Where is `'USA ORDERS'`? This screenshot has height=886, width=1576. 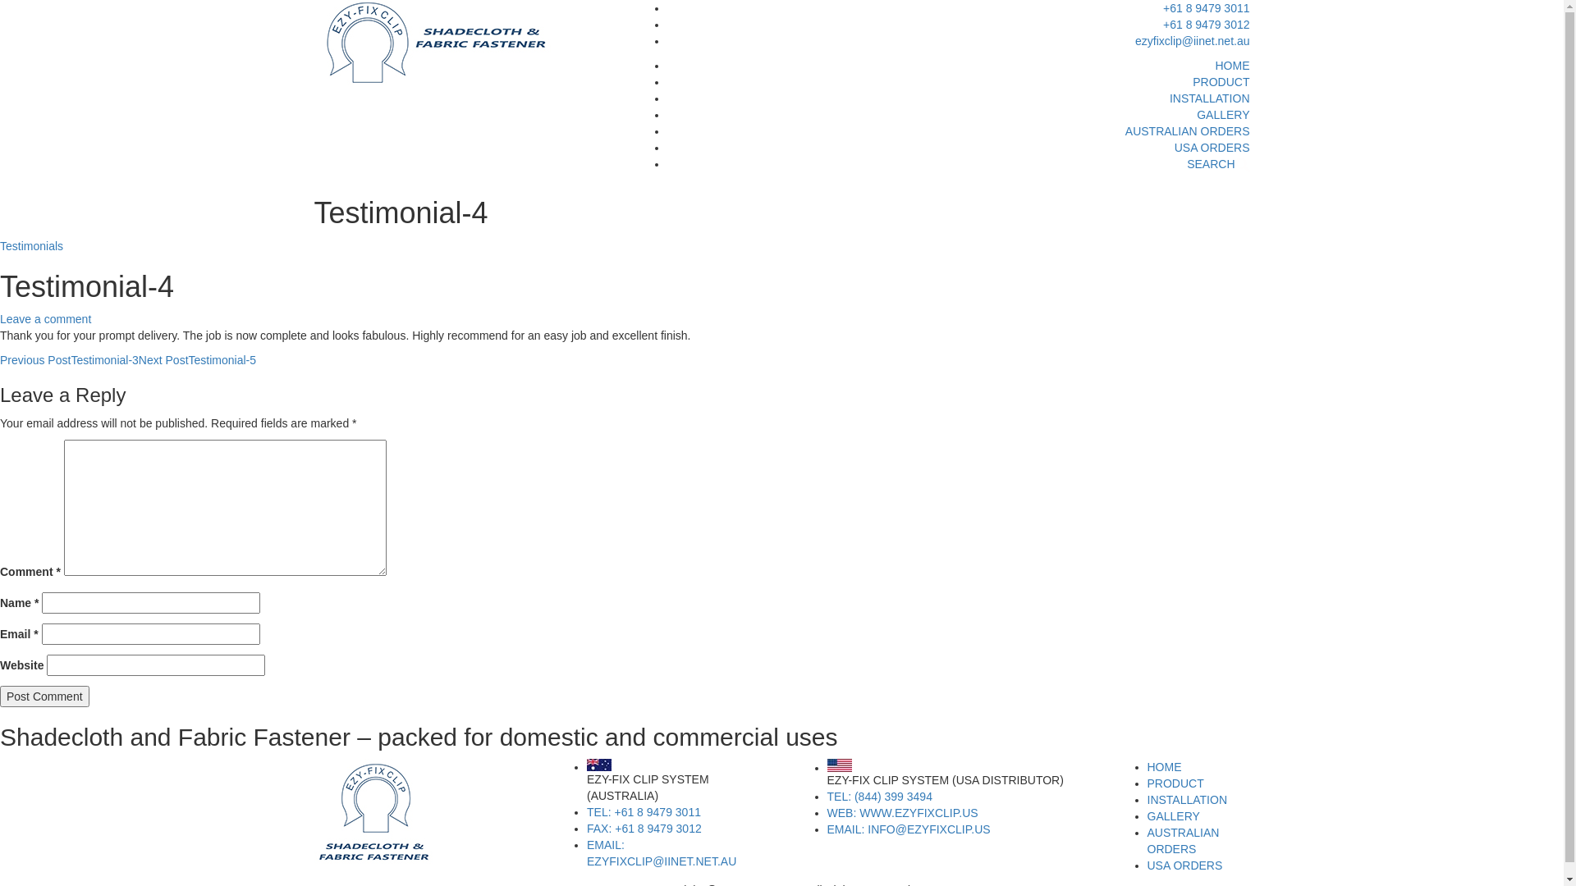
'USA ORDERS' is located at coordinates (1212, 148).